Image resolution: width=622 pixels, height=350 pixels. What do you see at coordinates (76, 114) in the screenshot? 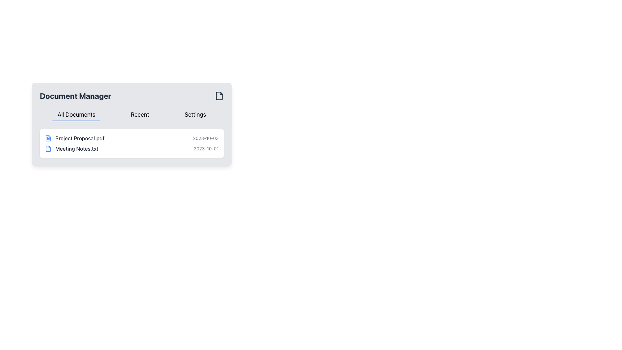
I see `the 'All Documents' navigation tab to change its color, which is the first tab in the navigation section under the 'Document Manager' header` at bounding box center [76, 114].